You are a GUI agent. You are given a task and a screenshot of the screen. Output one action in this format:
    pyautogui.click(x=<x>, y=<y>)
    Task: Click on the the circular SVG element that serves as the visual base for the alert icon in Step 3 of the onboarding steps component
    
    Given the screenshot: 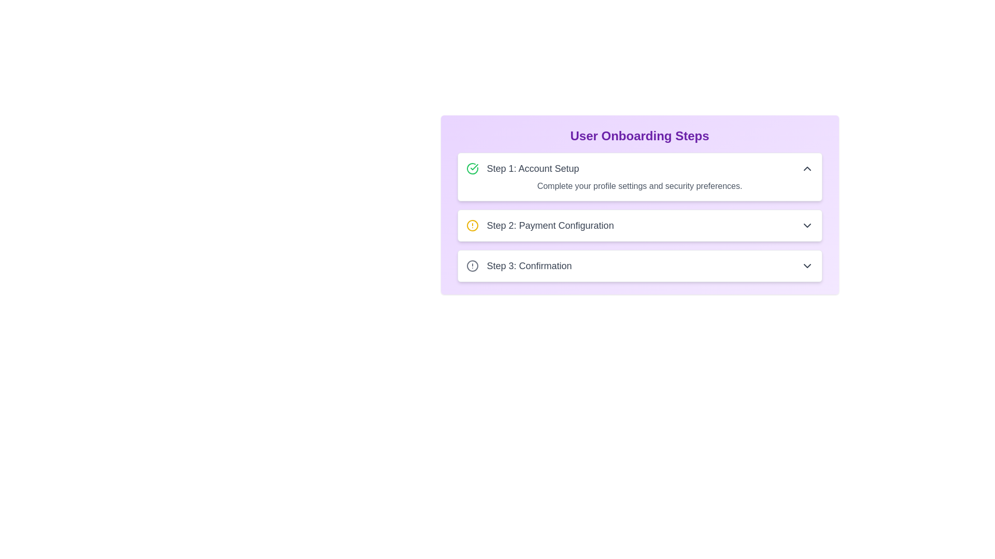 What is the action you would take?
    pyautogui.click(x=472, y=265)
    